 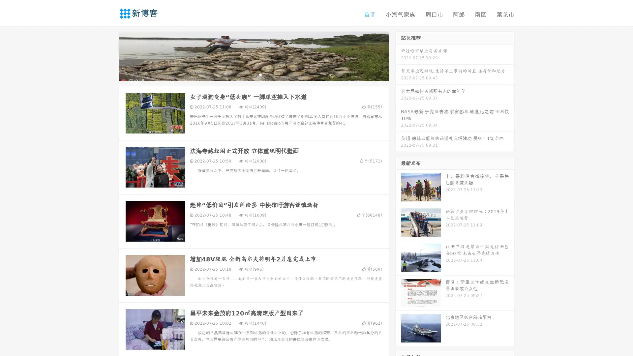 What do you see at coordinates (247, 74) in the screenshot?
I see `Go to slide 1` at bounding box center [247, 74].